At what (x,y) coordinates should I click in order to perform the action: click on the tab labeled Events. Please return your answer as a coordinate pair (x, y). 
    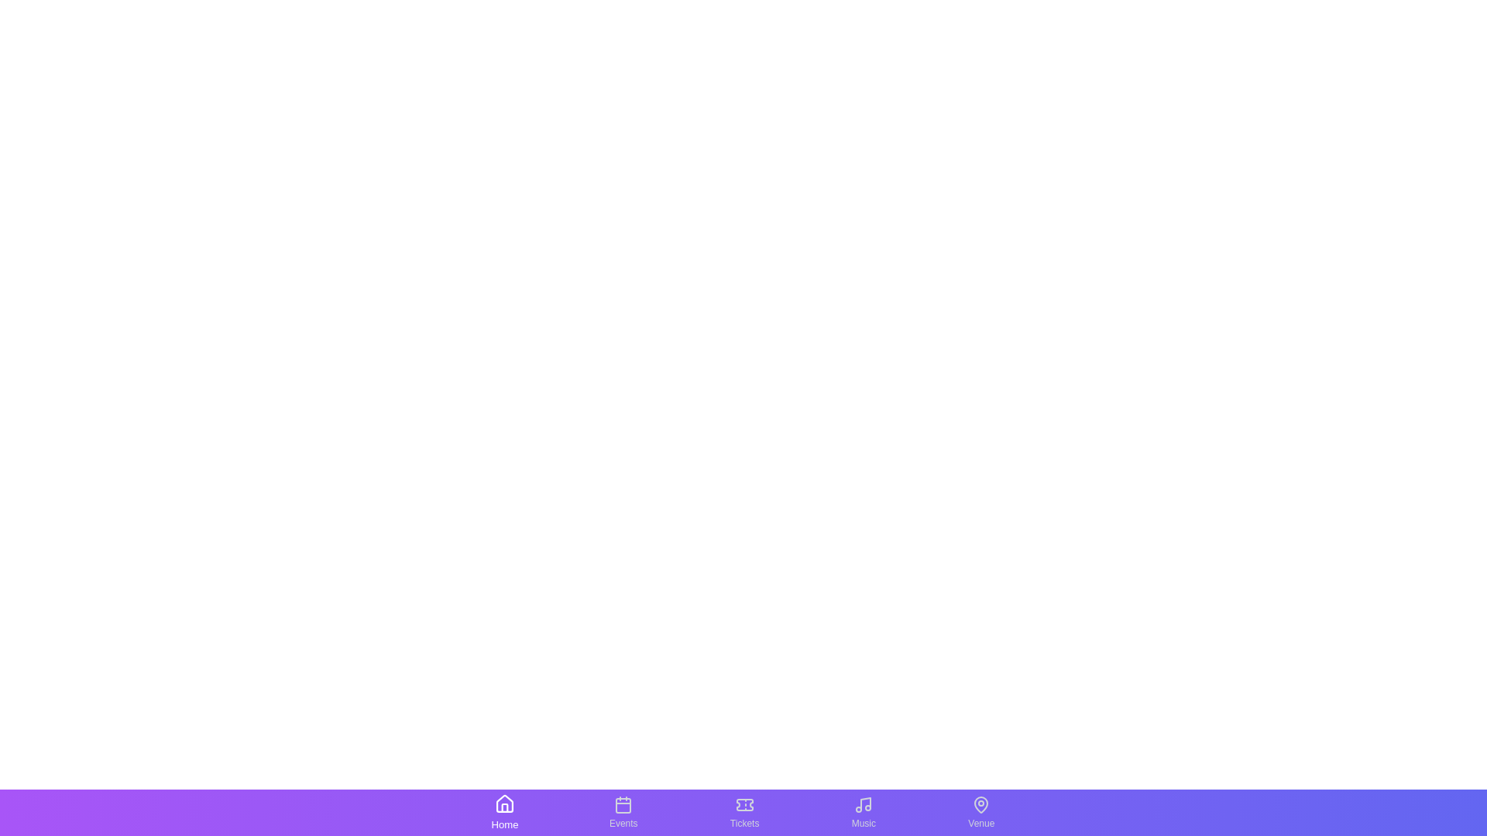
    Looking at the image, I should click on (623, 811).